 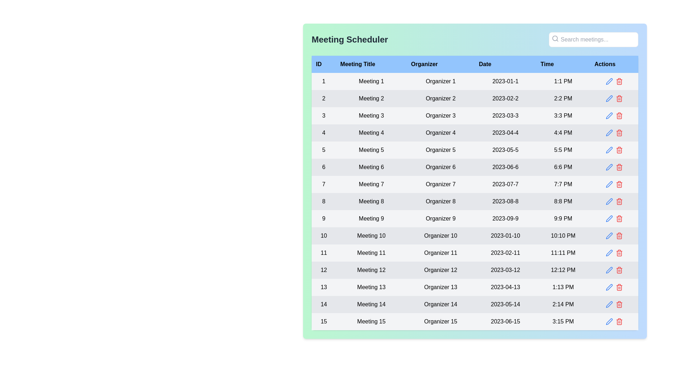 I want to click on date text '2023-03-12' from the Text label located in the twelfth row under the 'Date' column of the table, so click(x=505, y=270).